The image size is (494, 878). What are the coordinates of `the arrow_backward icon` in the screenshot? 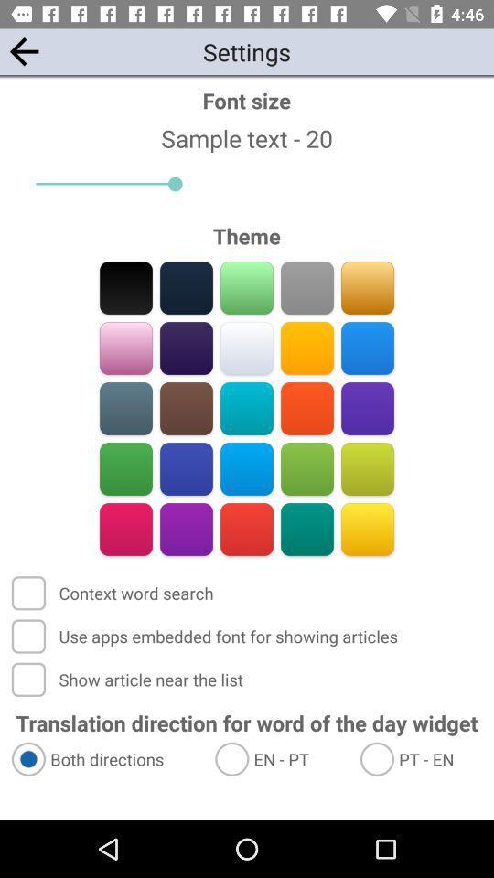 It's located at (23, 50).